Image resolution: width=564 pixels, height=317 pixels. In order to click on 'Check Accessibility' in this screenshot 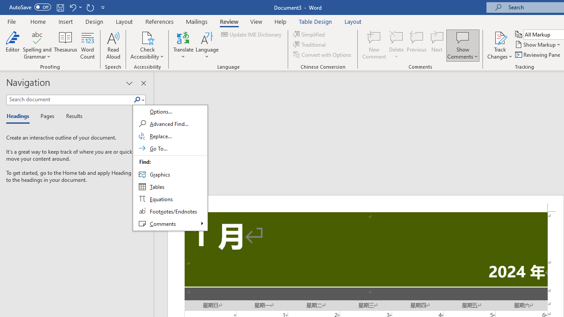, I will do `click(147, 37)`.